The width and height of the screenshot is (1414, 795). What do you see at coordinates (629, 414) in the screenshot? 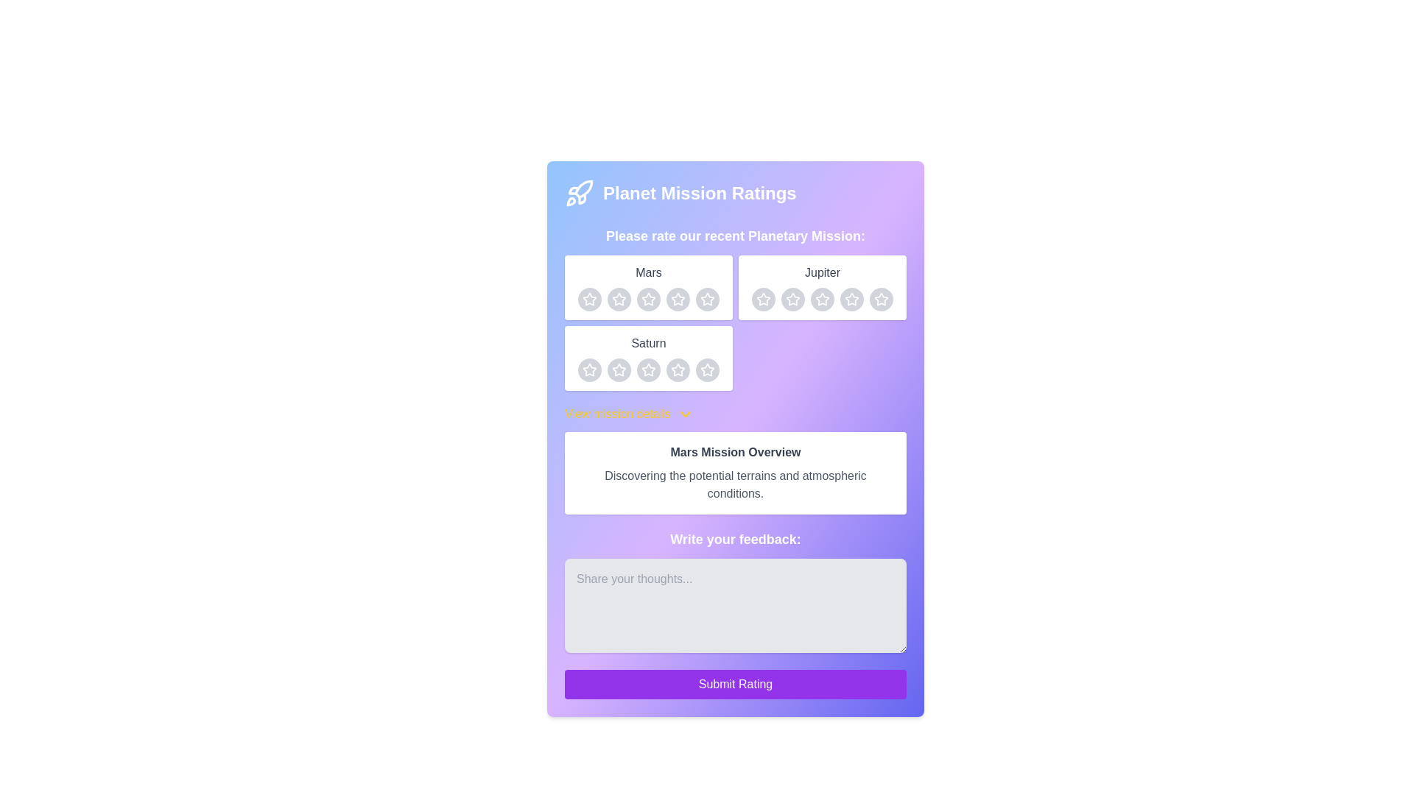
I see `the 'View mission details' dropdown trigger, which is a bold yellow label with a chevron icon` at bounding box center [629, 414].